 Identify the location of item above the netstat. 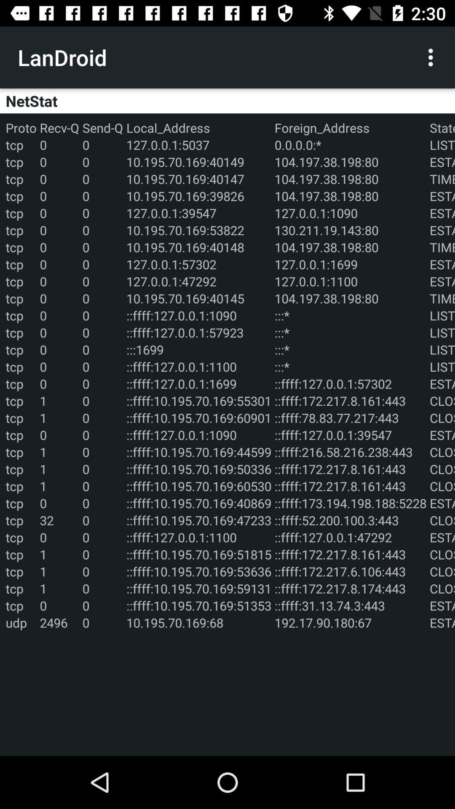
(433, 57).